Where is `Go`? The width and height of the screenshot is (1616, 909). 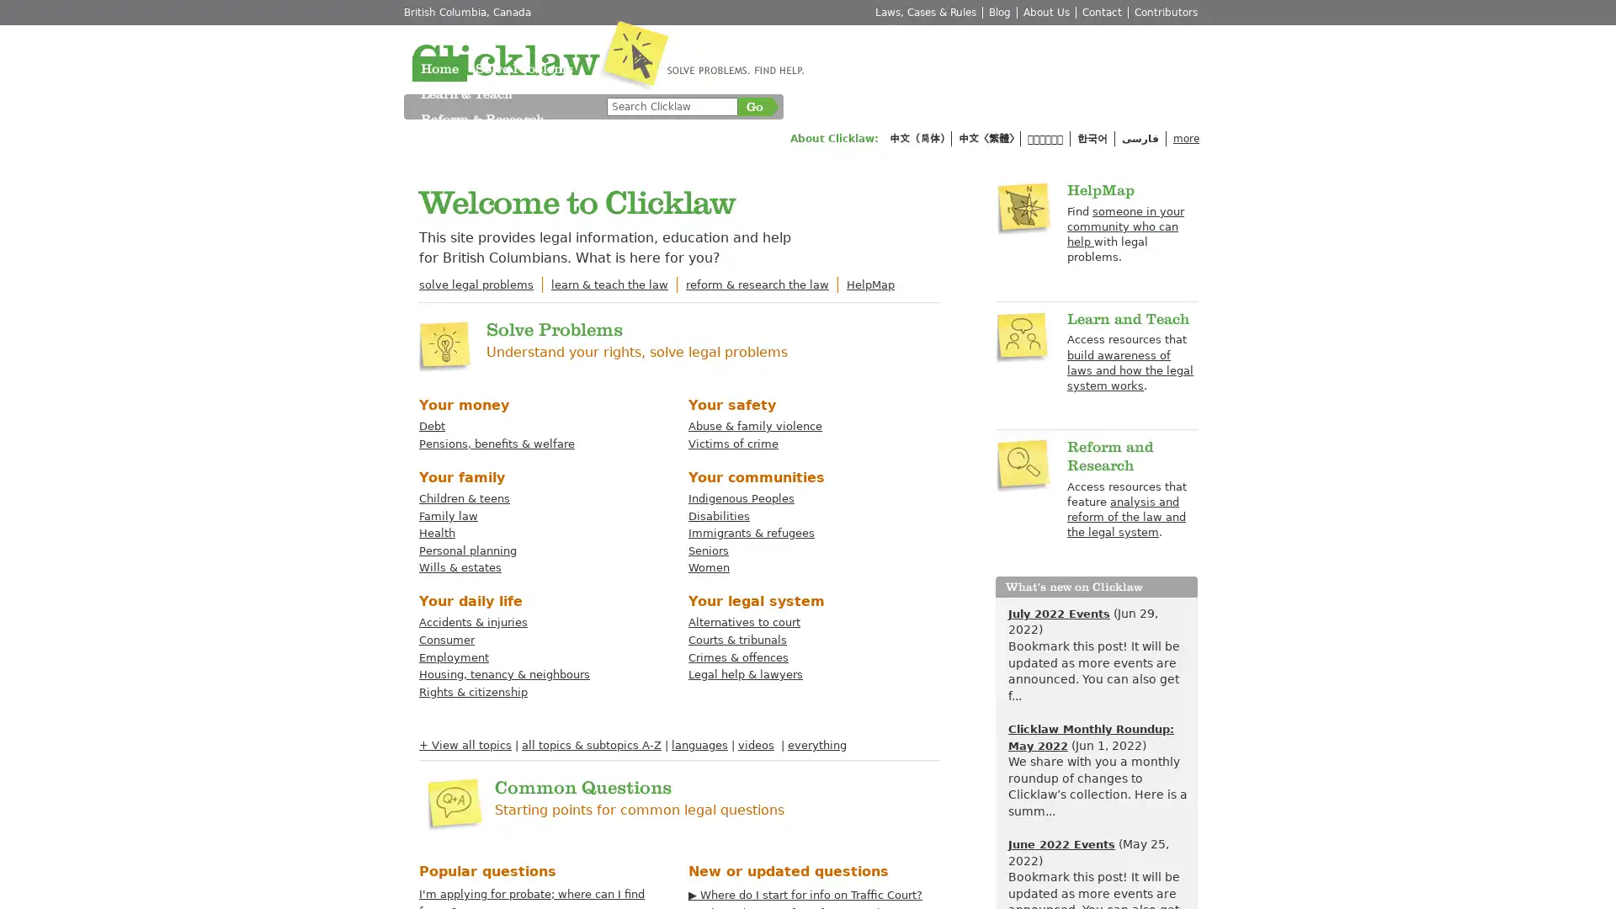
Go is located at coordinates (754, 107).